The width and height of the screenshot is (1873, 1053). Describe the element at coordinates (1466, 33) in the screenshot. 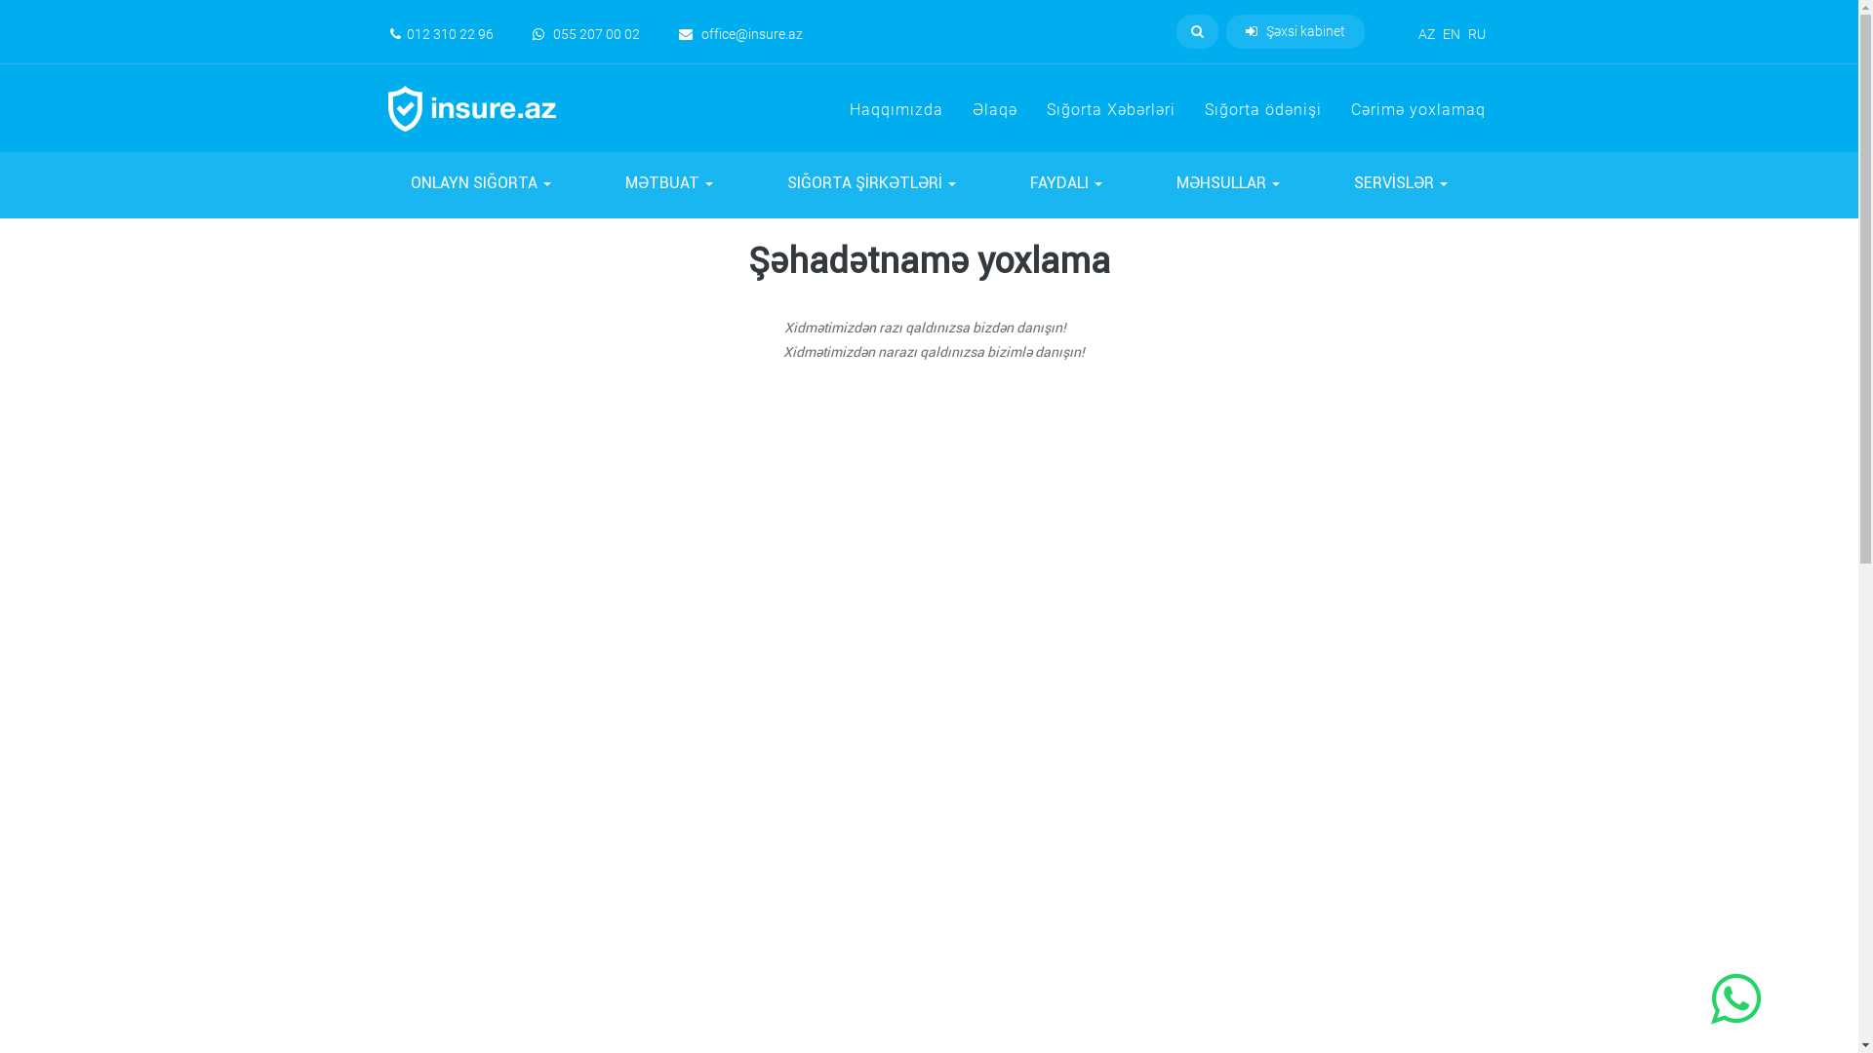

I see `'RU'` at that location.